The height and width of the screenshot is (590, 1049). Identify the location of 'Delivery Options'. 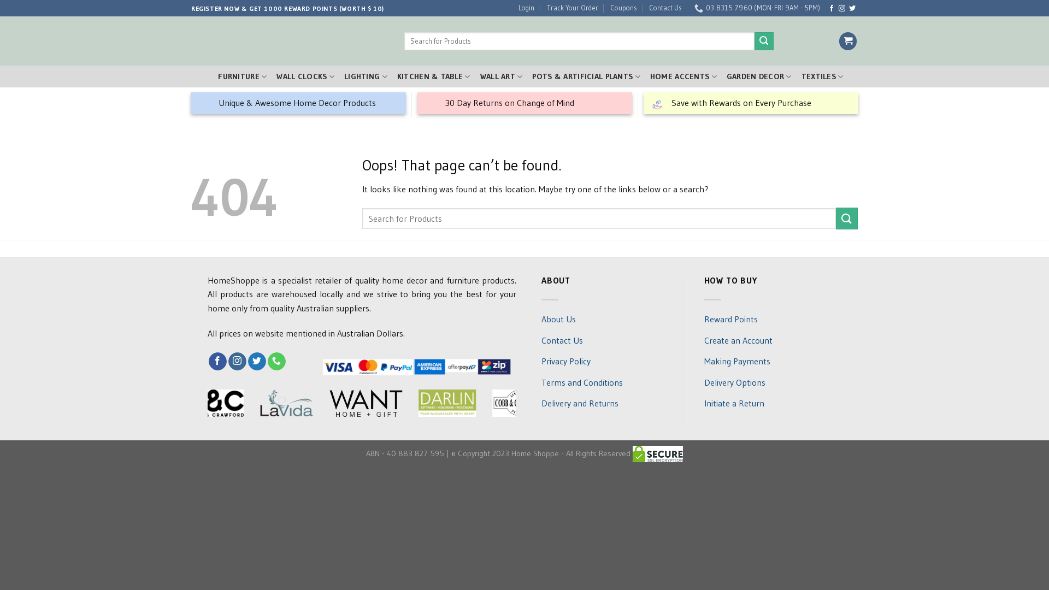
(734, 382).